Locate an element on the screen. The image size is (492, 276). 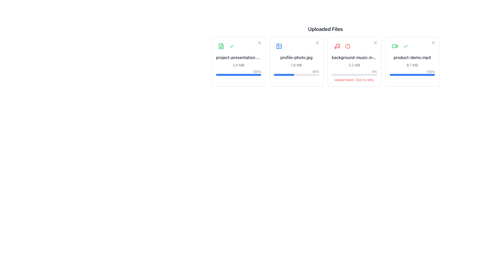
the Error message label notifying the user of the file upload failure for 'background-music.mp3' is located at coordinates (354, 80).